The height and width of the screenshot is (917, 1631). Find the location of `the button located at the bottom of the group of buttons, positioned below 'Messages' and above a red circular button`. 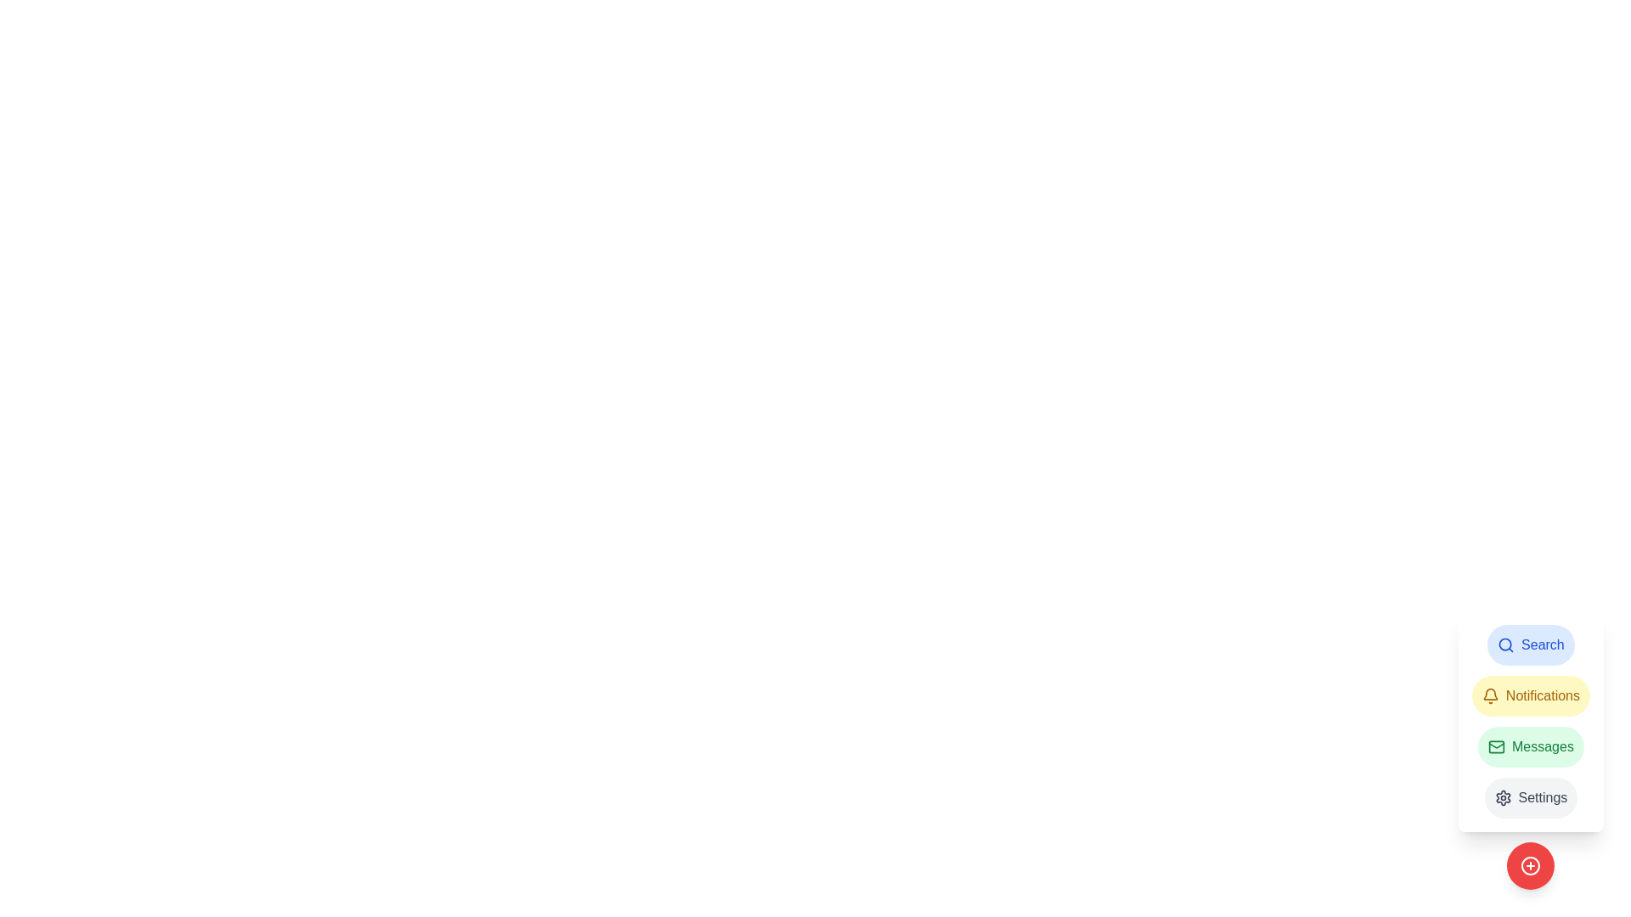

the button located at the bottom of the group of buttons, positioned below 'Messages' and above a red circular button is located at coordinates (1531, 798).